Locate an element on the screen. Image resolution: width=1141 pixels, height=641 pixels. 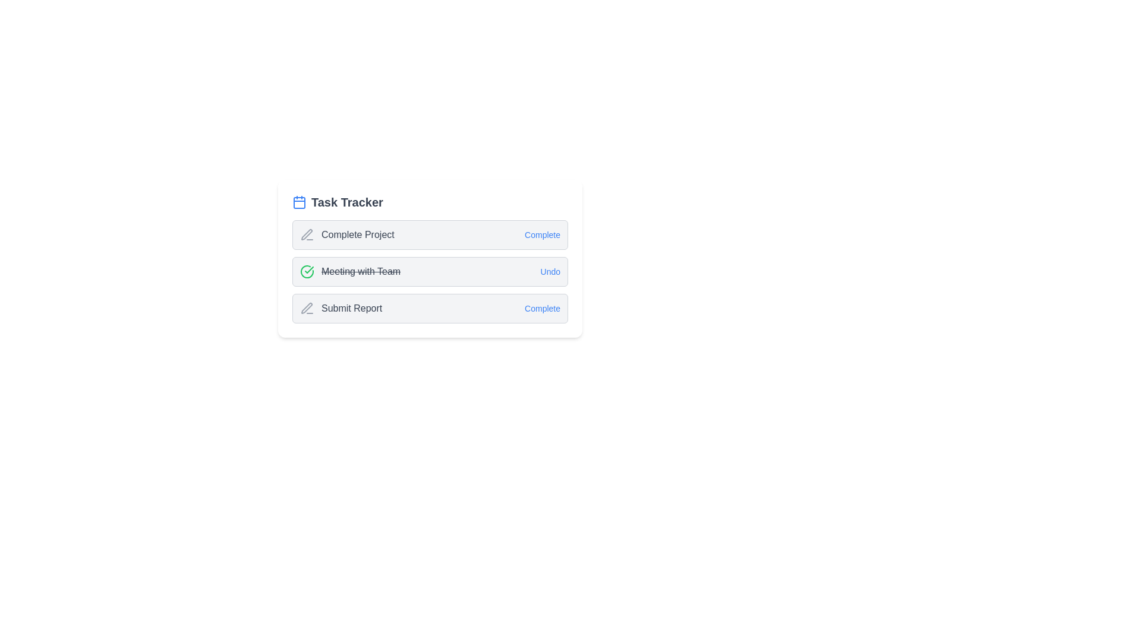
the text label in the first item of the 'Task Tracker' list, which specifies the name of the task and is positioned to the left of the 'Complete' button is located at coordinates (346, 235).